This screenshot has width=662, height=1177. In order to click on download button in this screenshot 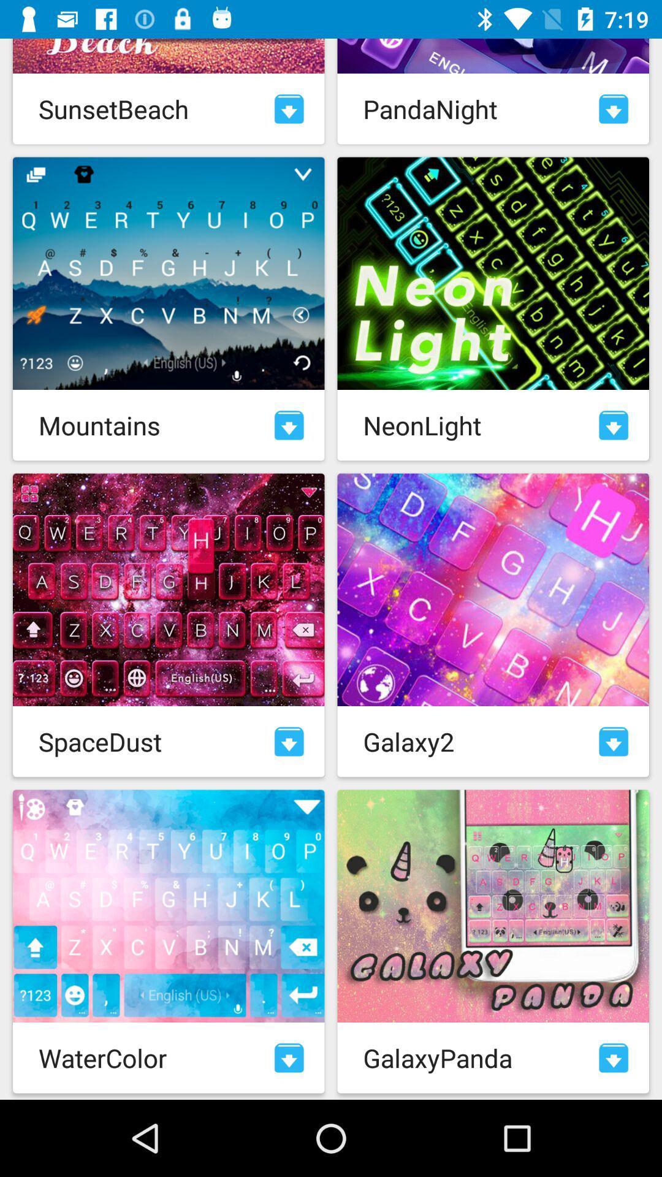, I will do `click(289, 425)`.